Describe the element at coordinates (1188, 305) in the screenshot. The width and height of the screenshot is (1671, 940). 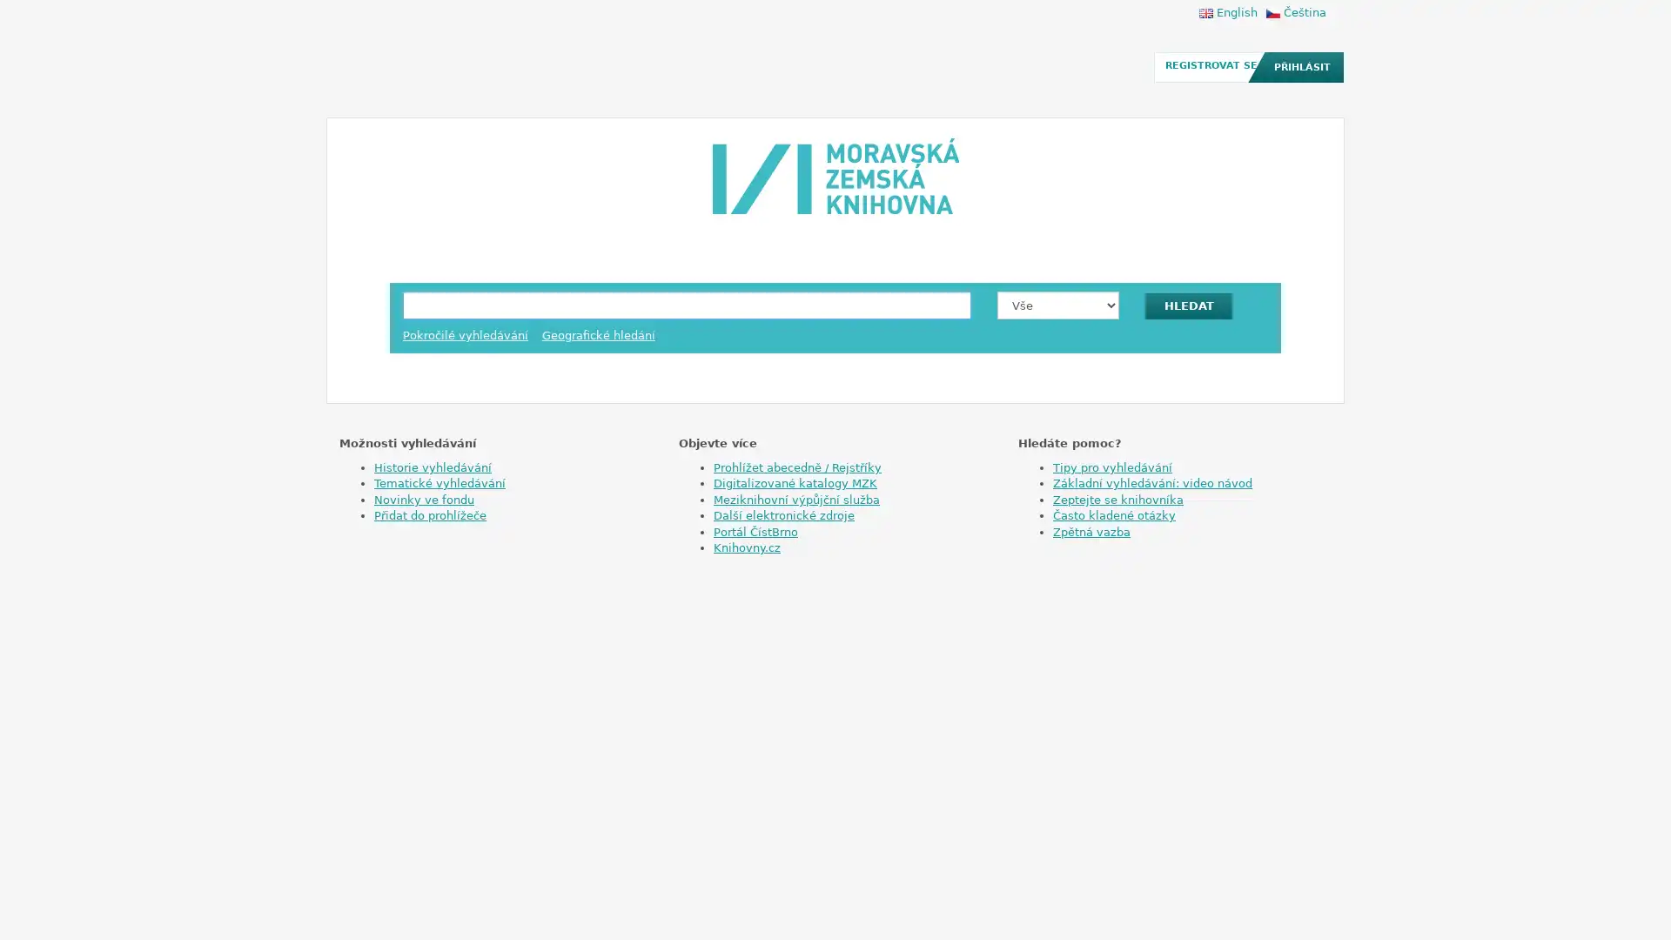
I see `HLEDAT` at that location.